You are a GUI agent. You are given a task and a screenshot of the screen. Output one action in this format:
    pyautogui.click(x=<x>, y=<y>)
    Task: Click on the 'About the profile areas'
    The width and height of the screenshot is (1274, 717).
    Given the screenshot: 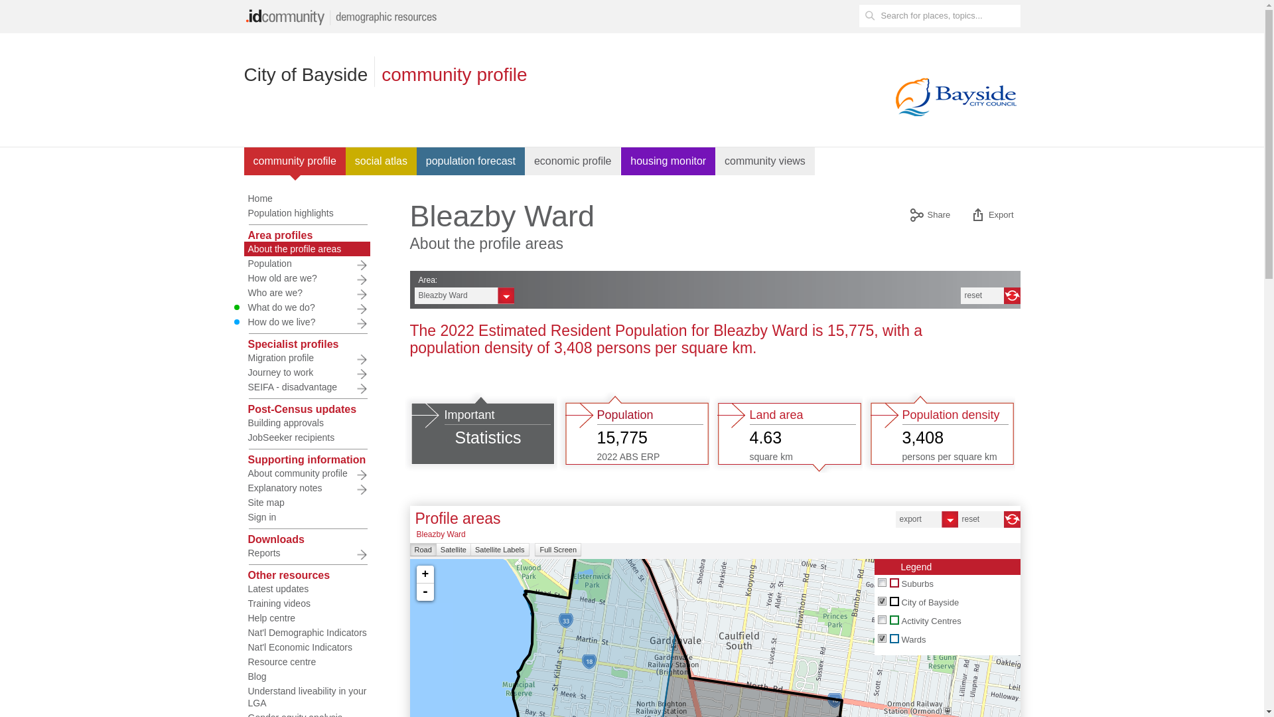 What is the action you would take?
    pyautogui.click(x=244, y=248)
    